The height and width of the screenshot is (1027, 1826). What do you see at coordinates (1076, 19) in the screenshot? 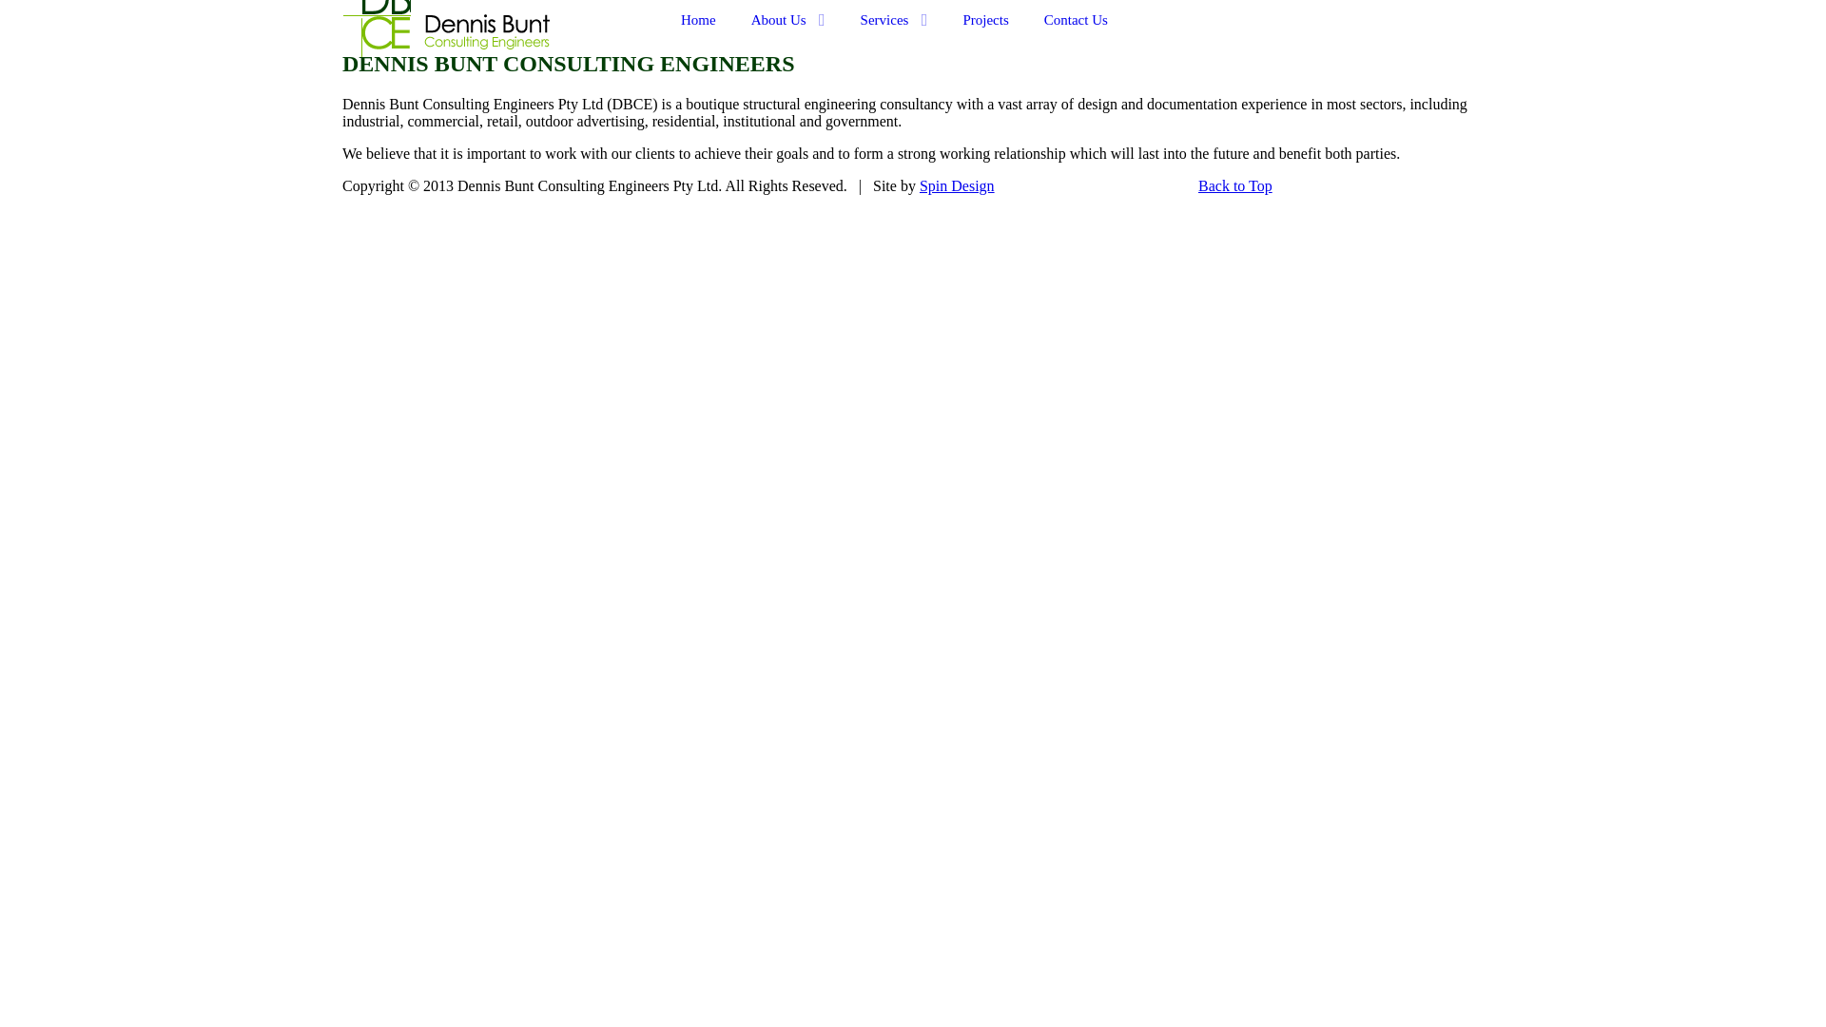
I see `'Contact Us'` at bounding box center [1076, 19].